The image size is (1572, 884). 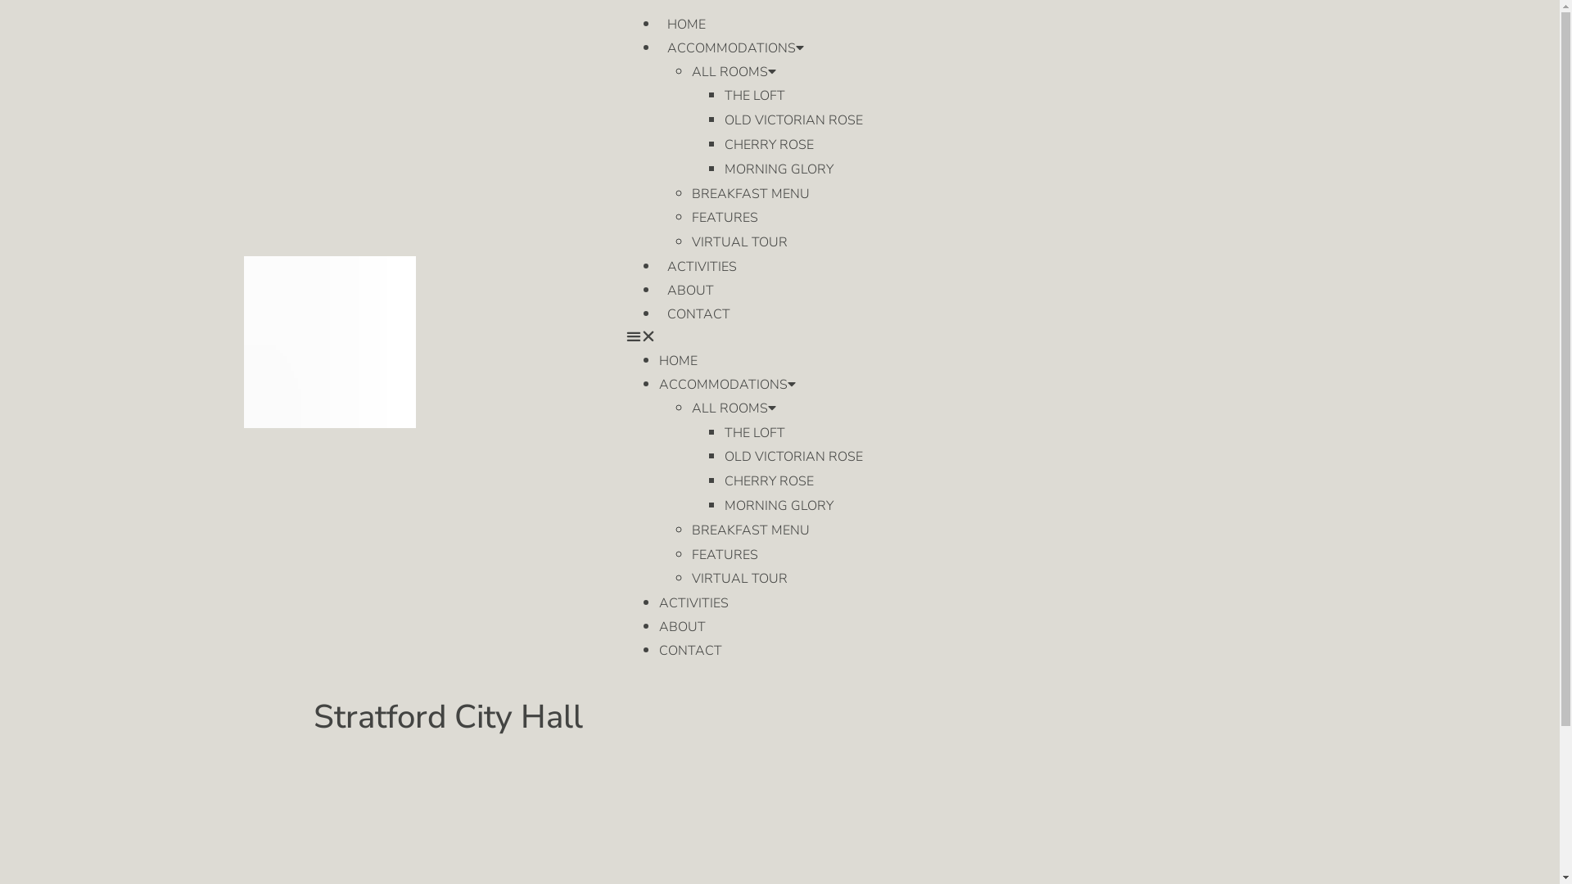 I want to click on 'THE LOFT', so click(x=723, y=95).